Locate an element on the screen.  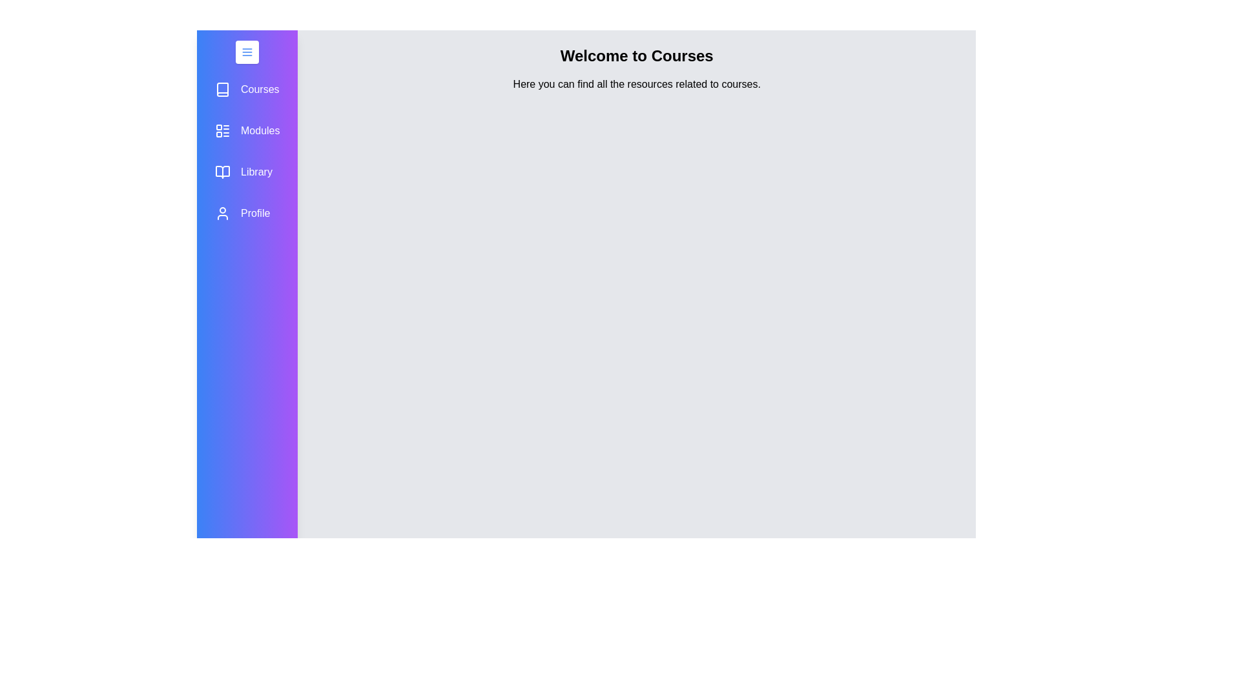
the Modules tab to observe the hover effect is located at coordinates (247, 131).